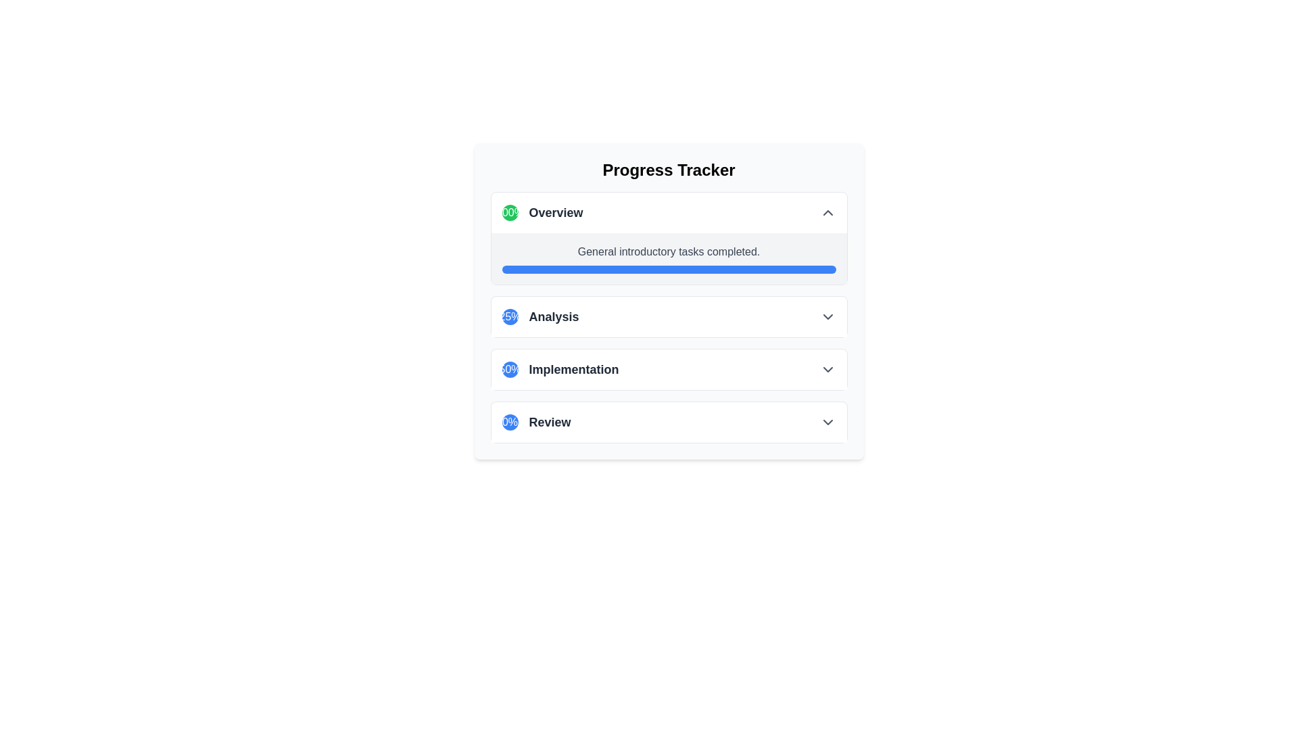 Image resolution: width=1298 pixels, height=730 pixels. What do you see at coordinates (509, 317) in the screenshot?
I see `details associated with the Progress Indicator Badge located on the left side of the 'Analysis' text in the 'Progress Tracker' card` at bounding box center [509, 317].